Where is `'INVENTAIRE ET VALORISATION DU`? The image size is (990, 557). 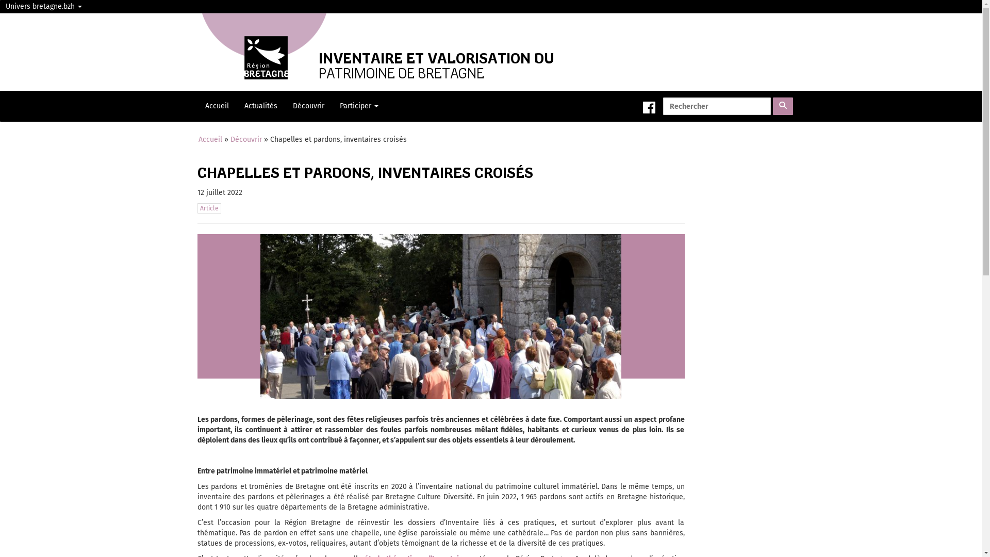
'INVENTAIRE ET VALORISATION DU is located at coordinates (416, 54).